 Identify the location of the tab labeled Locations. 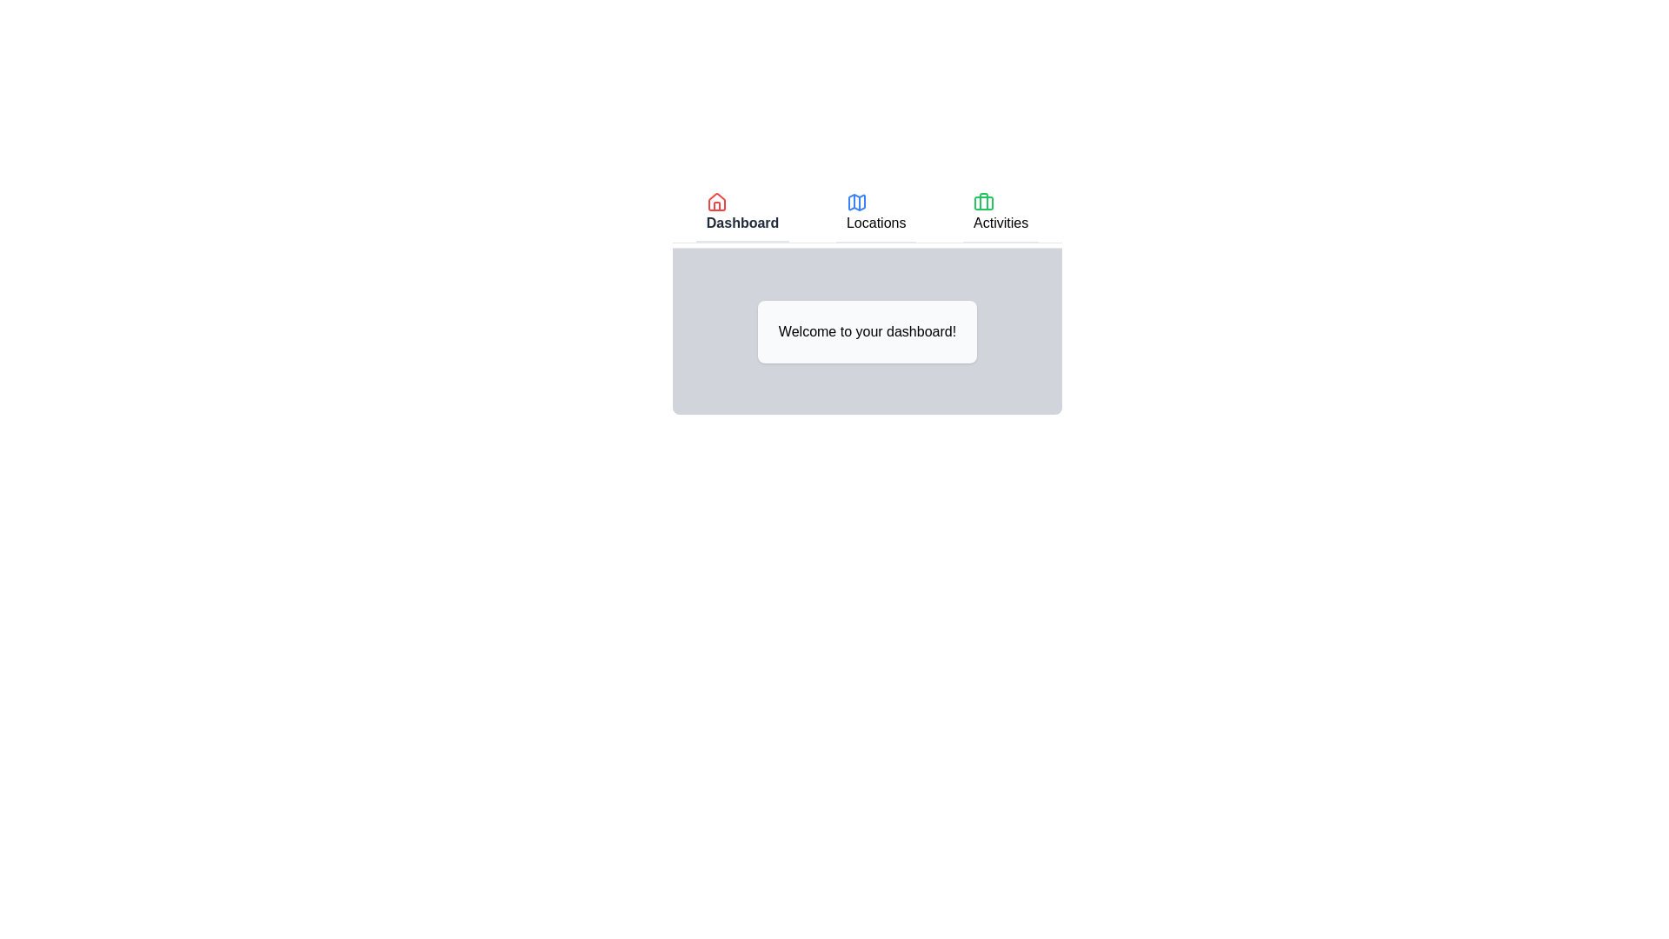
(876, 213).